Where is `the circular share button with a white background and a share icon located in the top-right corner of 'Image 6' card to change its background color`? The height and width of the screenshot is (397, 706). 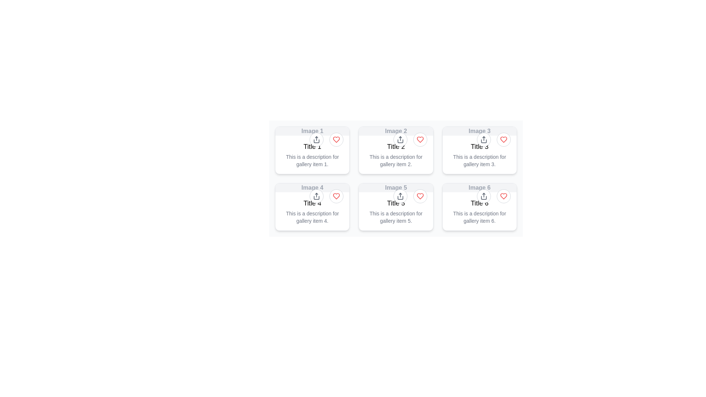
the circular share button with a white background and a share icon located in the top-right corner of 'Image 6' card to change its background color is located at coordinates (484, 196).